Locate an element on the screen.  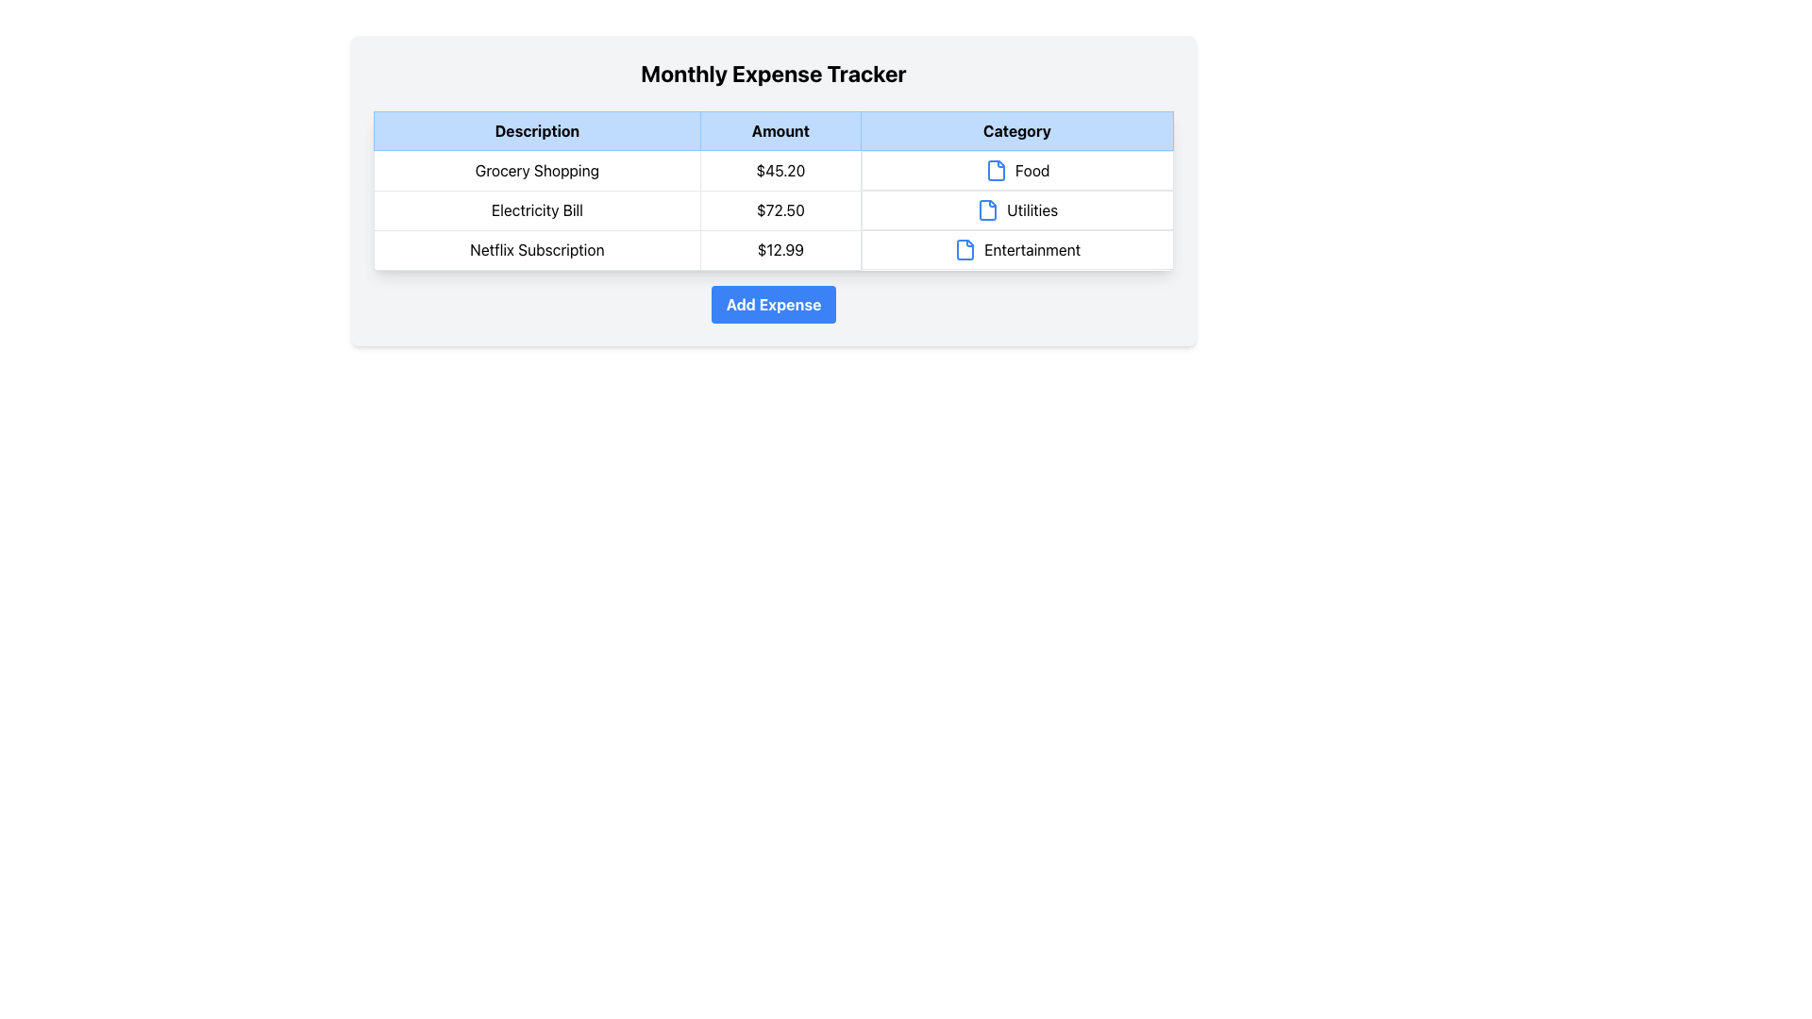
the text label that identifies the expense as 'Netflix Subscription' located in the first column of the third row of the table is located at coordinates (536, 249).